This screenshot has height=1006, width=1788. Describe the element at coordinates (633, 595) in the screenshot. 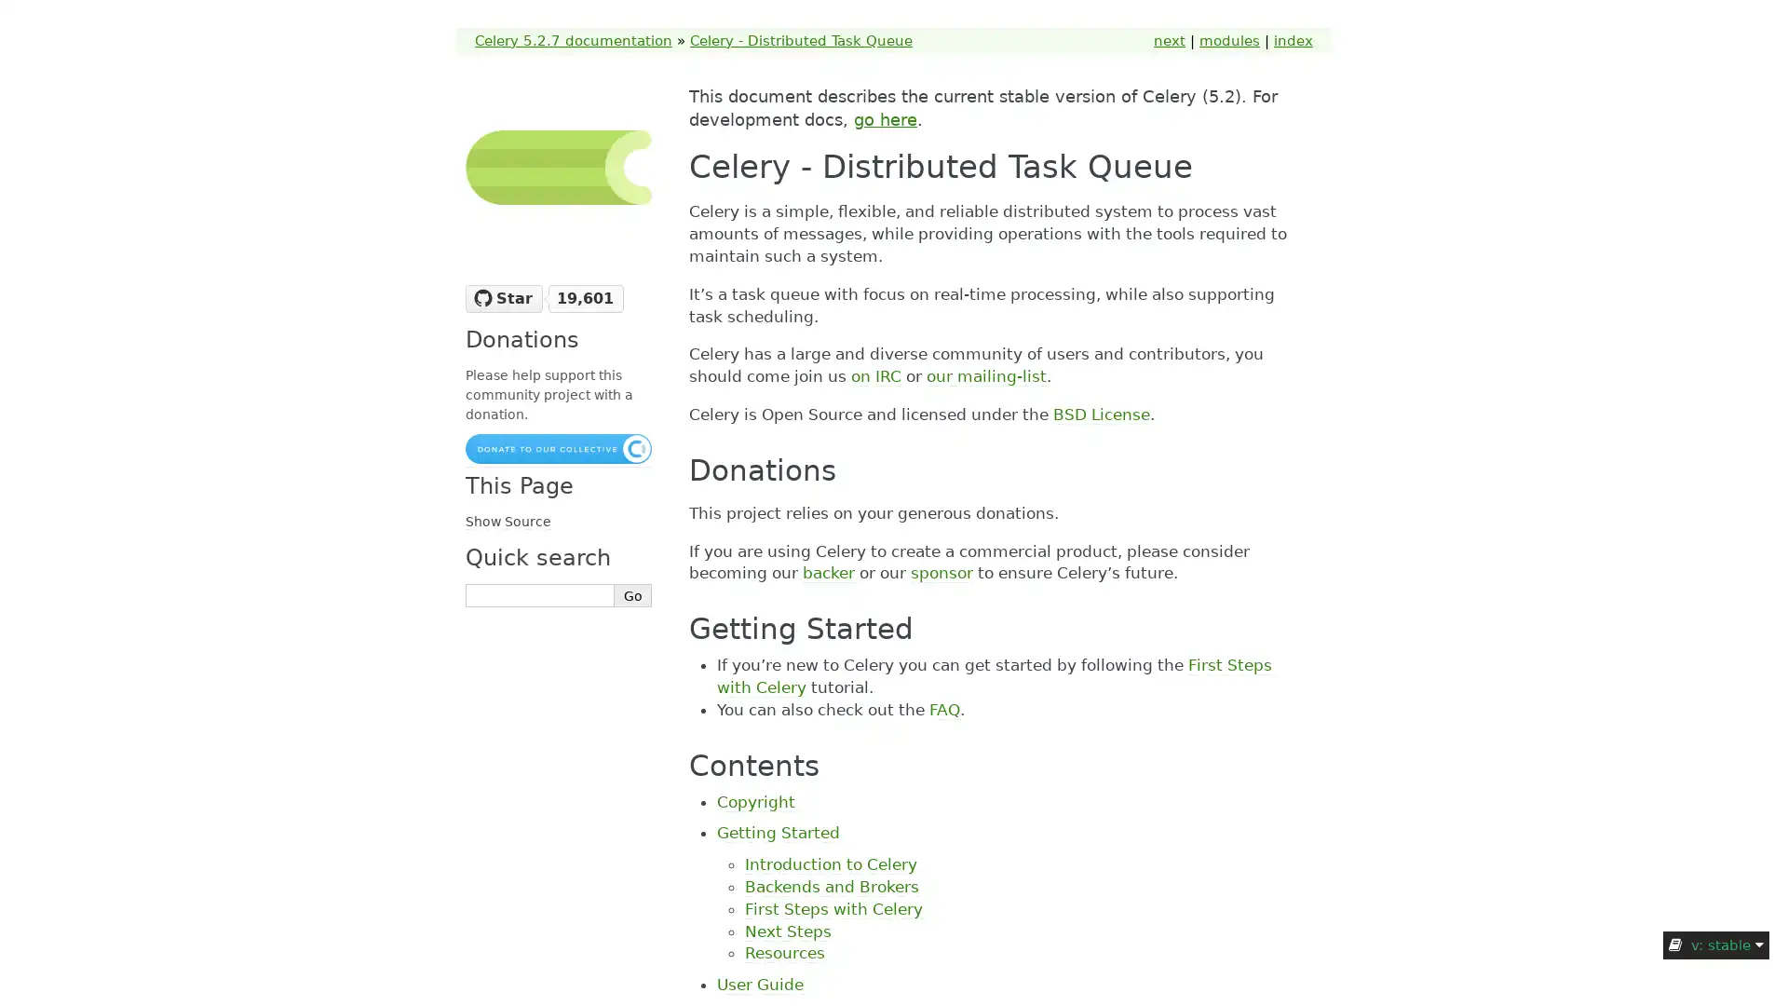

I see `Go` at that location.